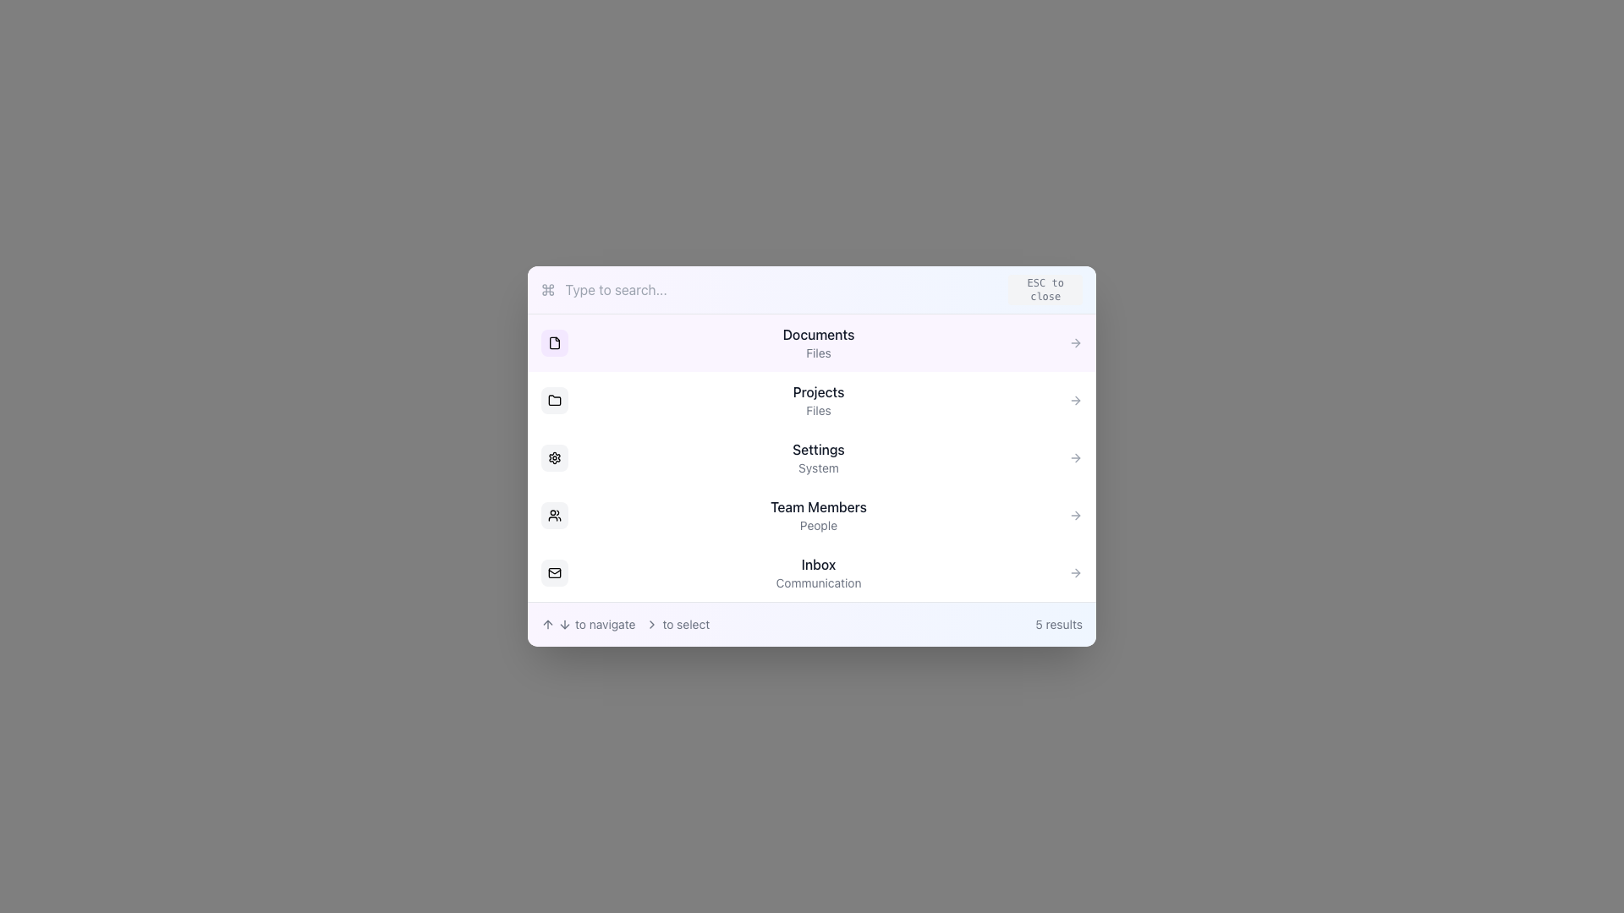  What do you see at coordinates (819, 352) in the screenshot?
I see `the 'Files' text label element, which is a small gray text displayed under 'Documents' in the list view` at bounding box center [819, 352].